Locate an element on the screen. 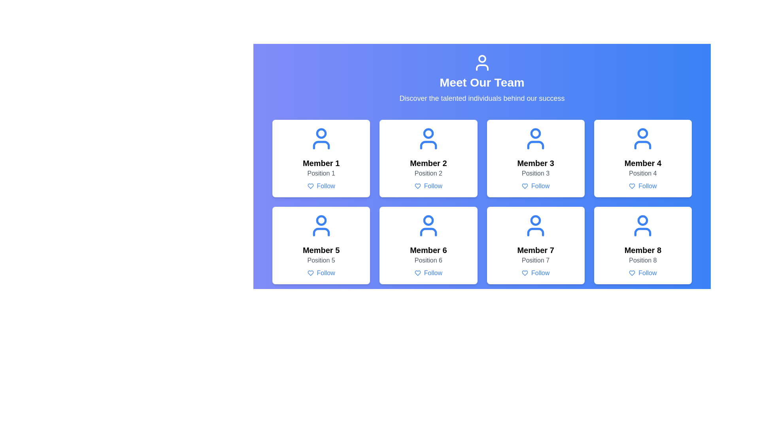 The image size is (759, 427). the SVG graphical component representing the user icon for 'Member 7' in the 'Meet Our Team' section, located in the seventh box of a 2x4 grid layout is located at coordinates (536, 220).